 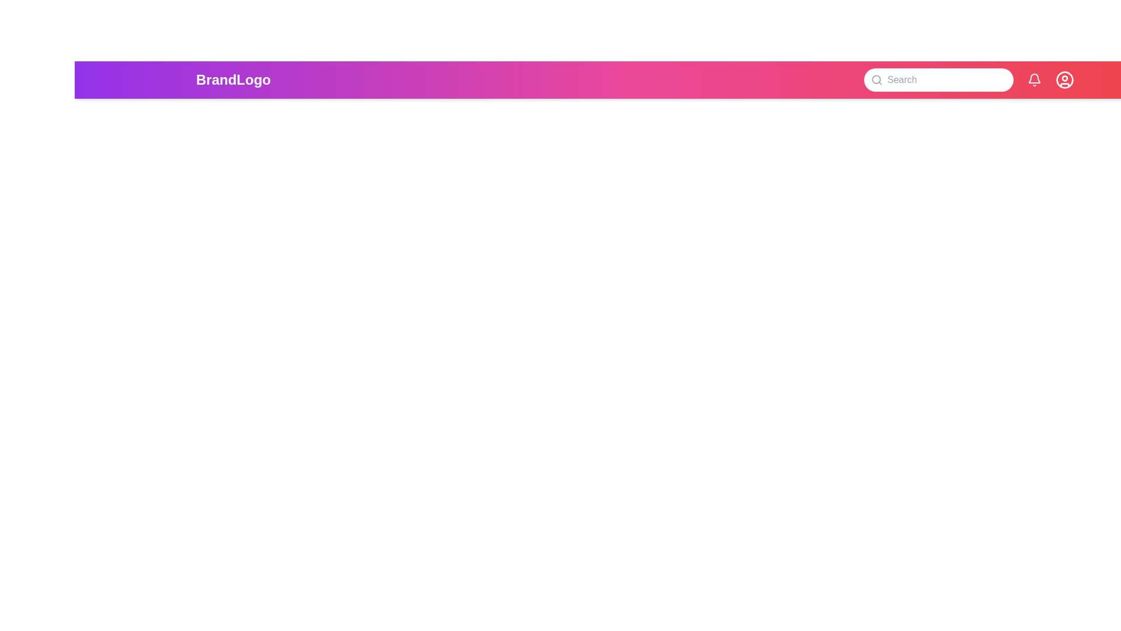 What do you see at coordinates (1065, 79) in the screenshot?
I see `the user profile icon located at the top-right corner of the interface, adjacent to the bell icon` at bounding box center [1065, 79].